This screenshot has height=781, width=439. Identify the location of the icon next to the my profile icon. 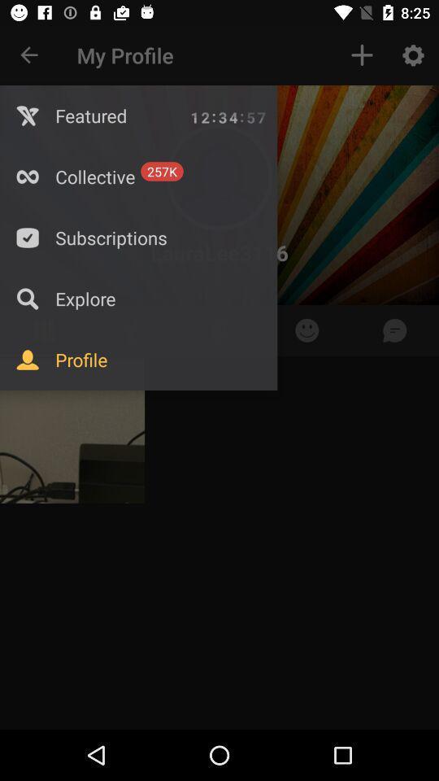
(362, 55).